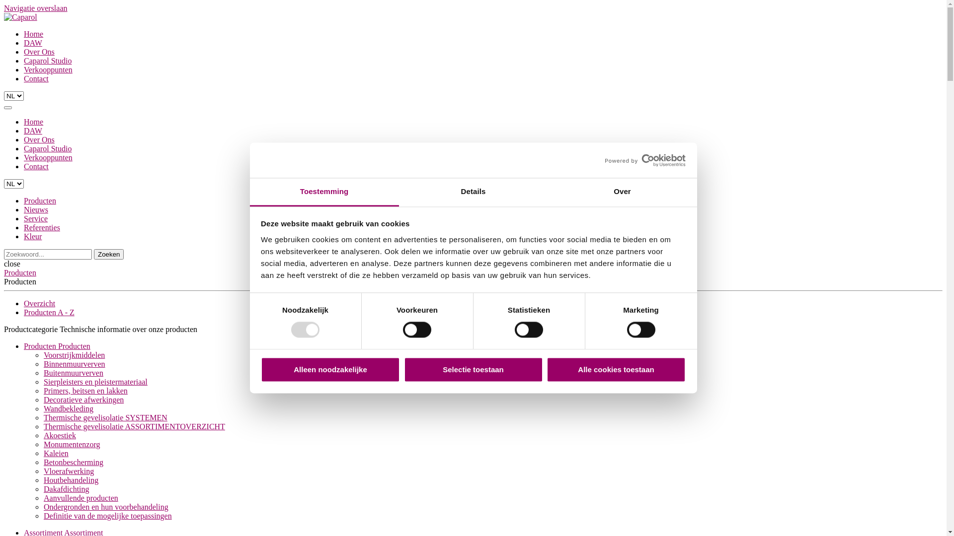 This screenshot has height=536, width=954. Describe the element at coordinates (56, 453) in the screenshot. I see `'Kaleien'` at that location.